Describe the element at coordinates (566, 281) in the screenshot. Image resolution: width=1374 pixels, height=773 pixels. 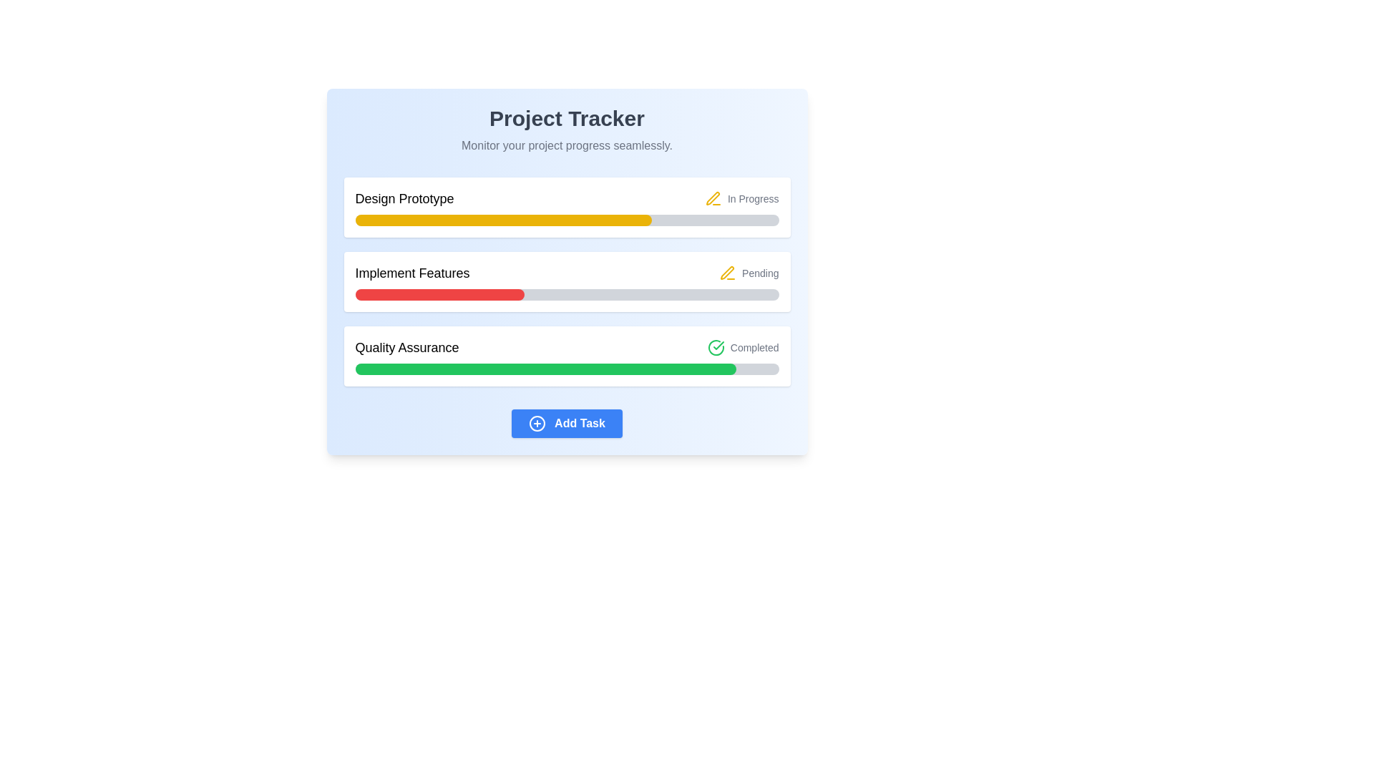
I see `the Progress Card that indicates the progress and status of the 'Implement Features' task, which is the second card in a vertical list` at that location.